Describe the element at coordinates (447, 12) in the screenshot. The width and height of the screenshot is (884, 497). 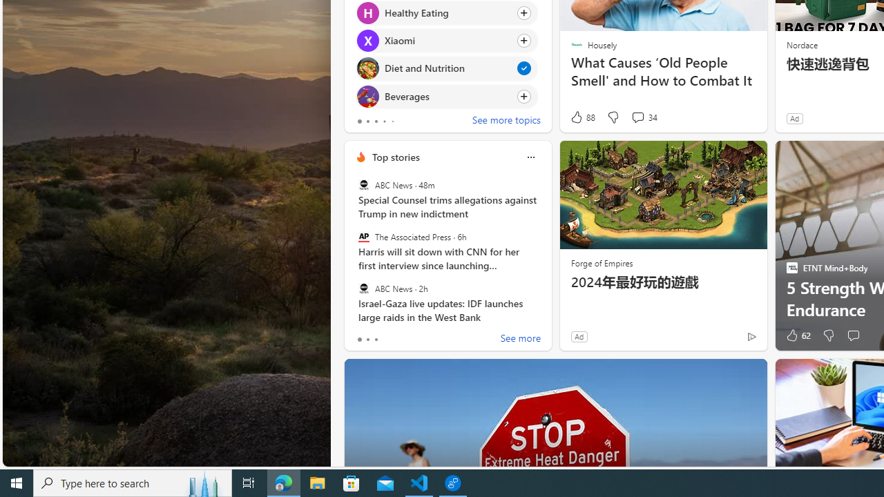
I see `'Click to follow topic Healthy Eating'` at that location.